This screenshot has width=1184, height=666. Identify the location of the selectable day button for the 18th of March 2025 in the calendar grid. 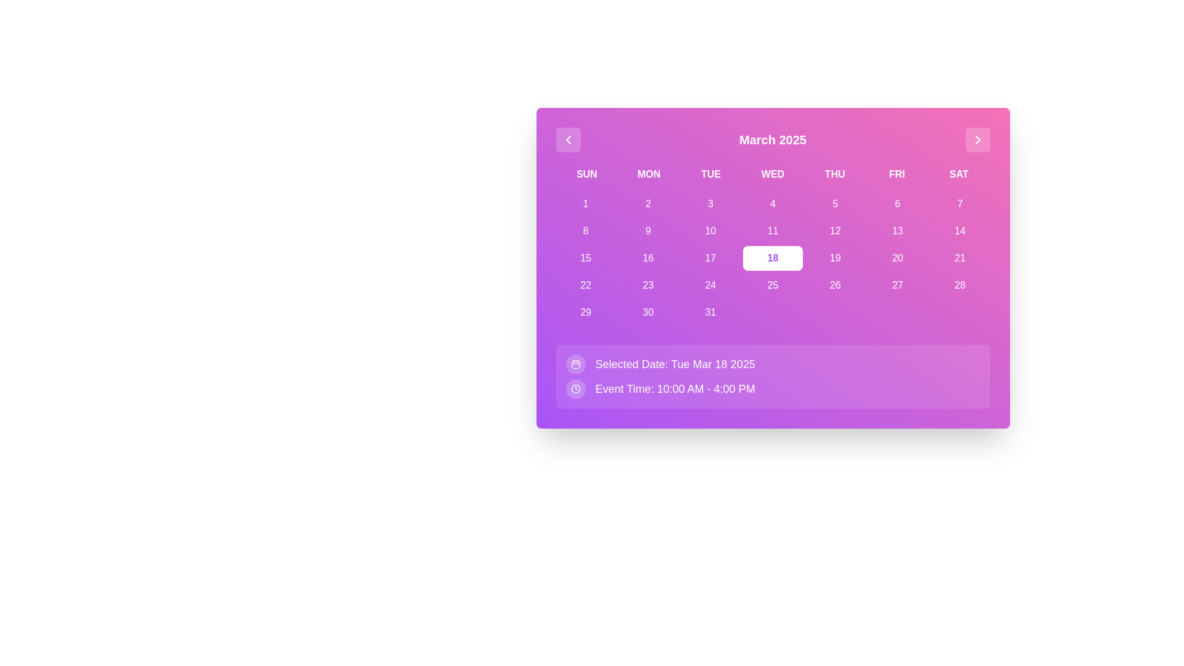
(772, 258).